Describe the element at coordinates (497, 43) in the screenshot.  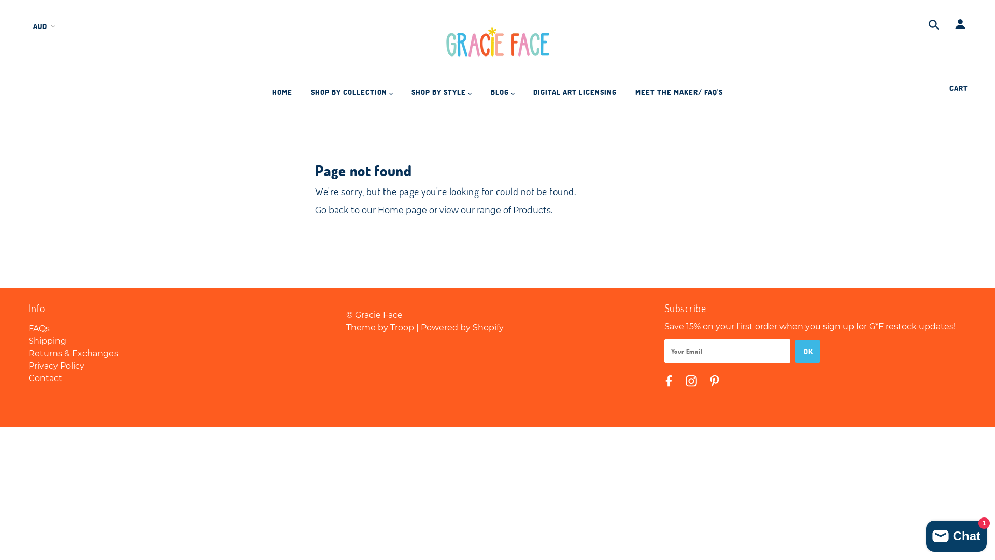
I see `'Gracie Face'` at that location.